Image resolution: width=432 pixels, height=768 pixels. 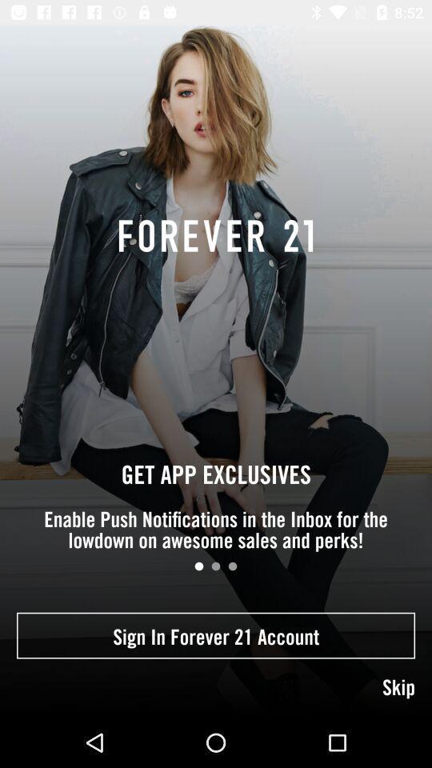 What do you see at coordinates (216, 635) in the screenshot?
I see `icon above skip item` at bounding box center [216, 635].